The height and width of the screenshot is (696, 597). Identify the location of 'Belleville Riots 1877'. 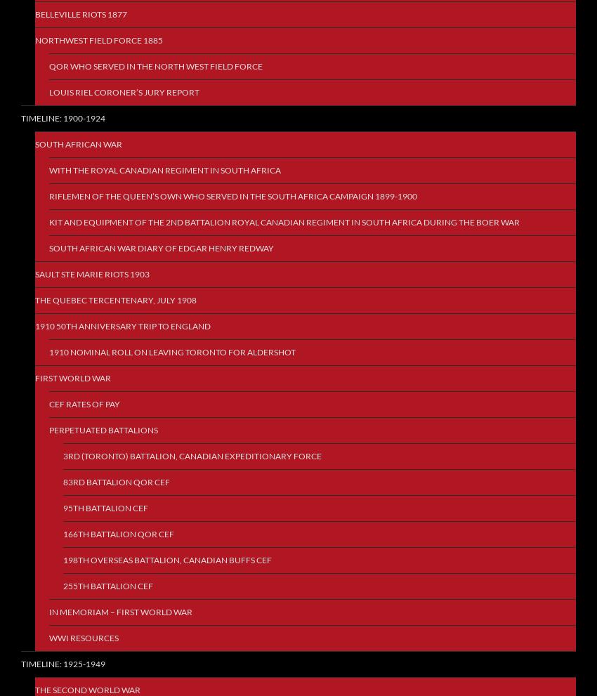
(80, 13).